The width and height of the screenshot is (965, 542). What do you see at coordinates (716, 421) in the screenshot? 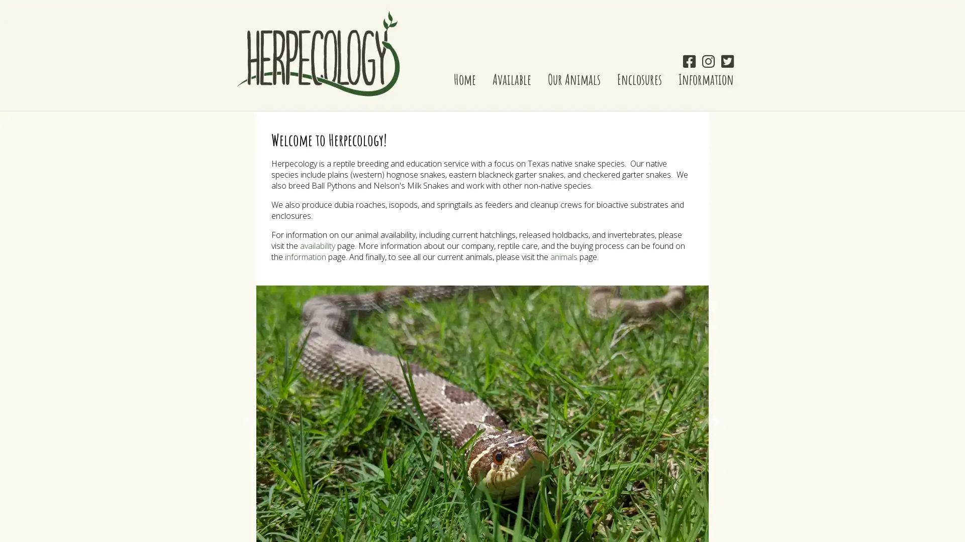
I see `Next` at bounding box center [716, 421].